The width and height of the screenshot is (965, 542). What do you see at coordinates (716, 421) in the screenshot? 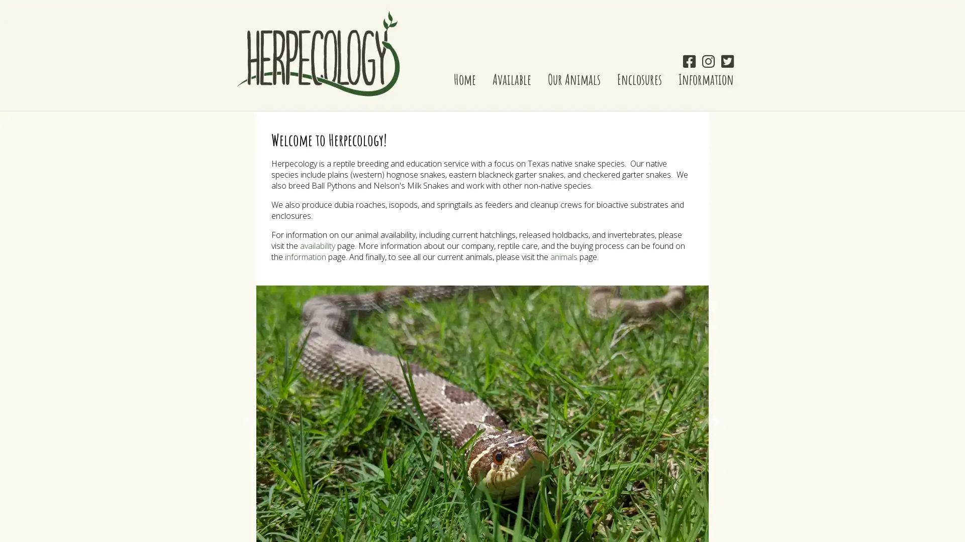
I see `Next` at bounding box center [716, 421].